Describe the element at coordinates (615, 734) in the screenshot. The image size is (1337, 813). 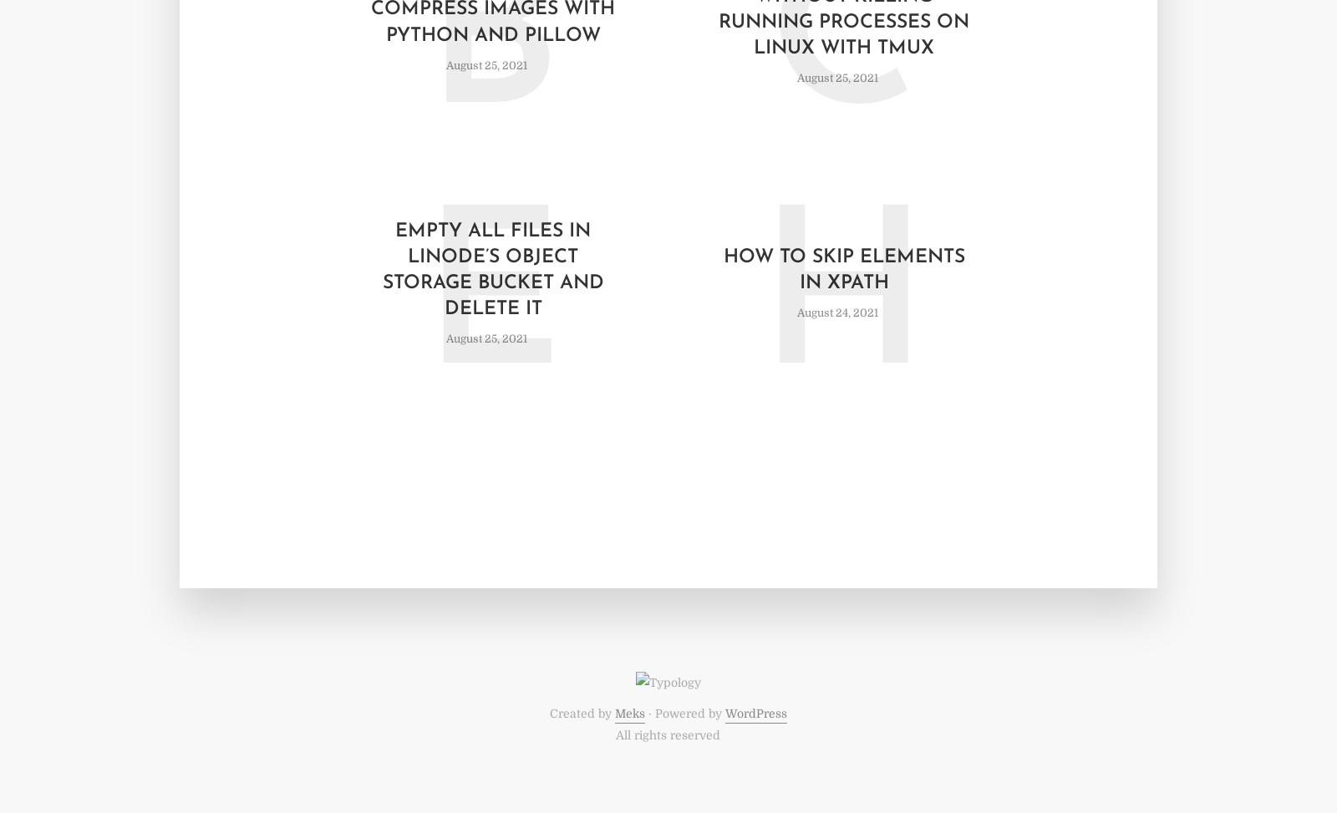
I see `'All rights reserved'` at that location.